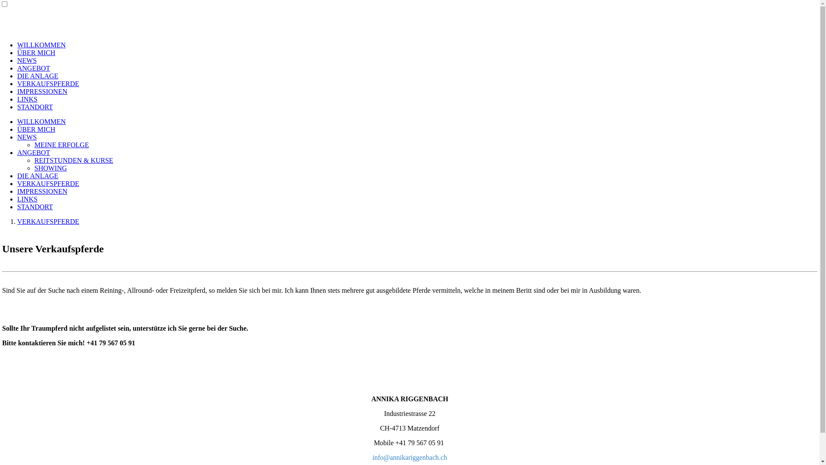 Image resolution: width=826 pixels, height=465 pixels. I want to click on 'WILLKOMMEN', so click(41, 121).